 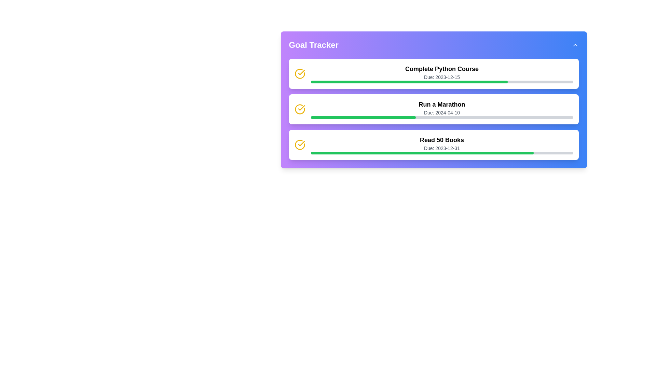 I want to click on the text label 'Read 50 Books' which is displayed in bold and indicates the title of a goal in the goal tracker interface, so click(x=442, y=139).